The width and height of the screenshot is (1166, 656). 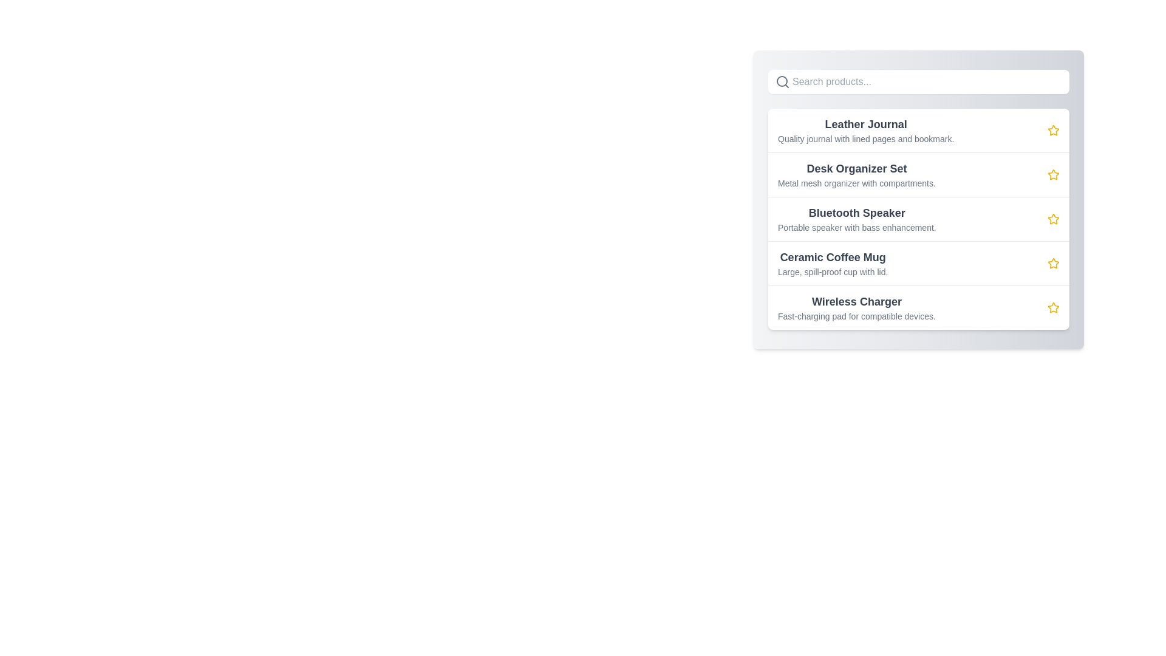 I want to click on the star-shaped icon with a yellow color fill located next to the 'Bluetooth Speaker' list item to mark it as a favorite, so click(x=1052, y=217).